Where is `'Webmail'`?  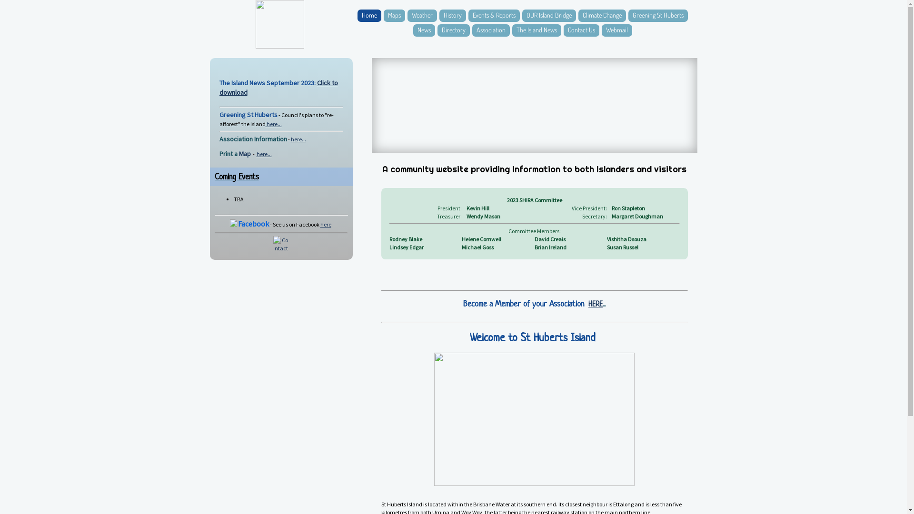 'Webmail' is located at coordinates (601, 30).